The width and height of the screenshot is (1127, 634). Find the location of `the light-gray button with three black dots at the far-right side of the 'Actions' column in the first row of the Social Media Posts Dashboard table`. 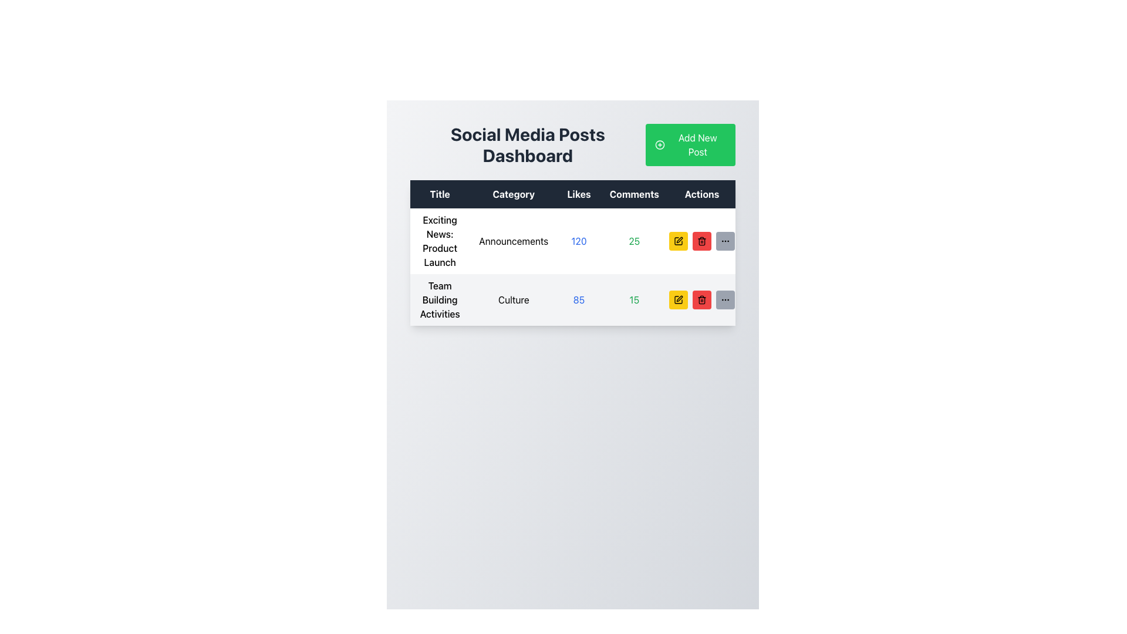

the light-gray button with three black dots at the far-right side of the 'Actions' column in the first row of the Social Media Posts Dashboard table is located at coordinates (725, 241).